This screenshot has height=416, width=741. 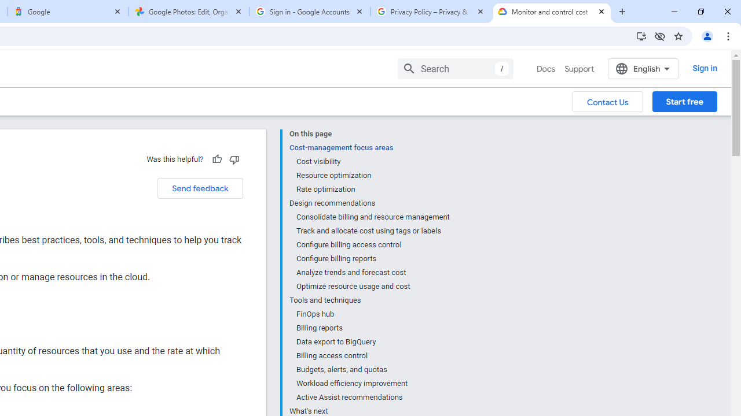 What do you see at coordinates (372, 314) in the screenshot?
I see `'FinOps hub'` at bounding box center [372, 314].